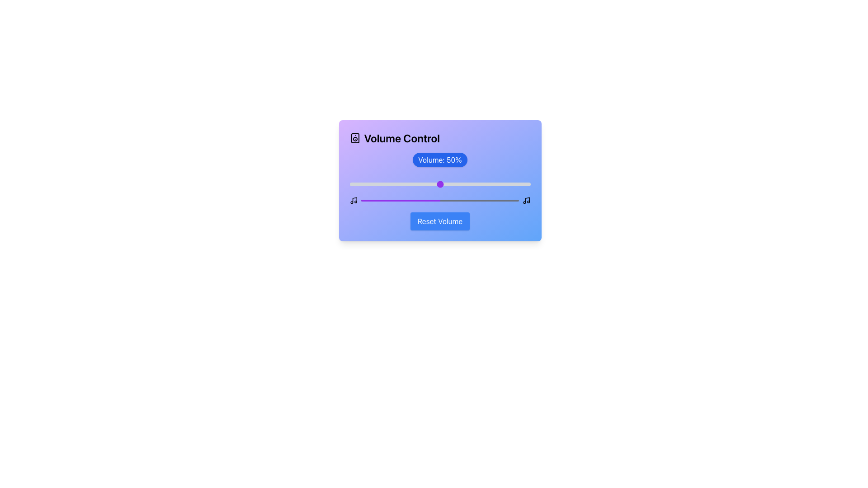 The width and height of the screenshot is (868, 488). What do you see at coordinates (440, 221) in the screenshot?
I see `the reset volume button located at the bottom center of the 'Volume Control' component to change its appearance` at bounding box center [440, 221].